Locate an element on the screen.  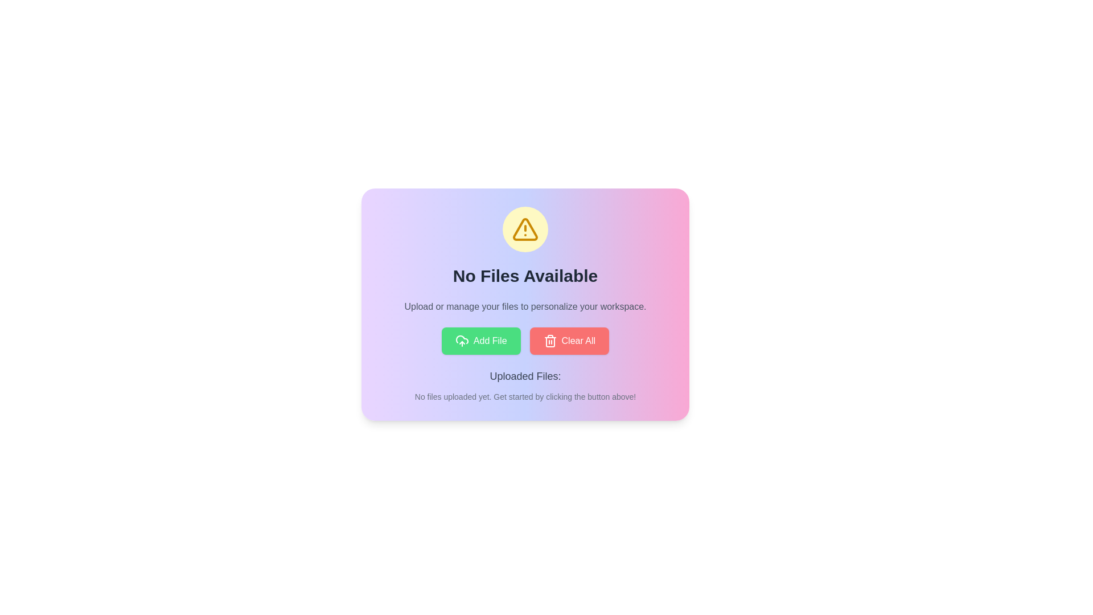
the 'Clear All' button icon, which features a trash can symbol on a red rectangular background is located at coordinates (550, 342).